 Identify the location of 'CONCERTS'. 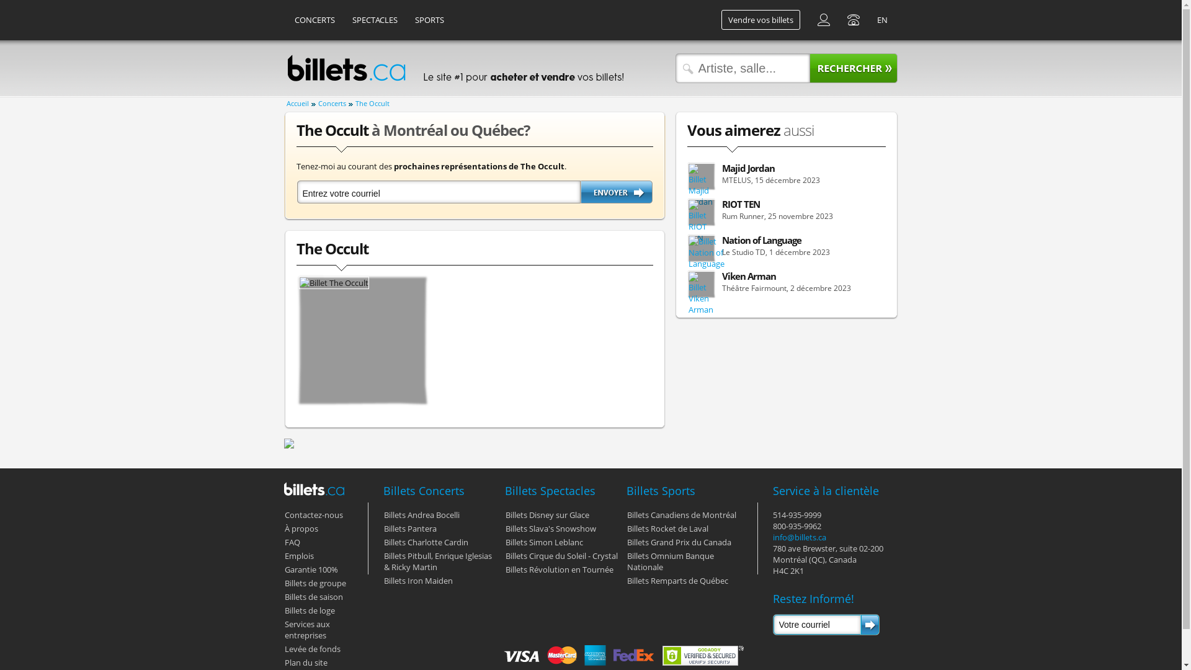
(314, 19).